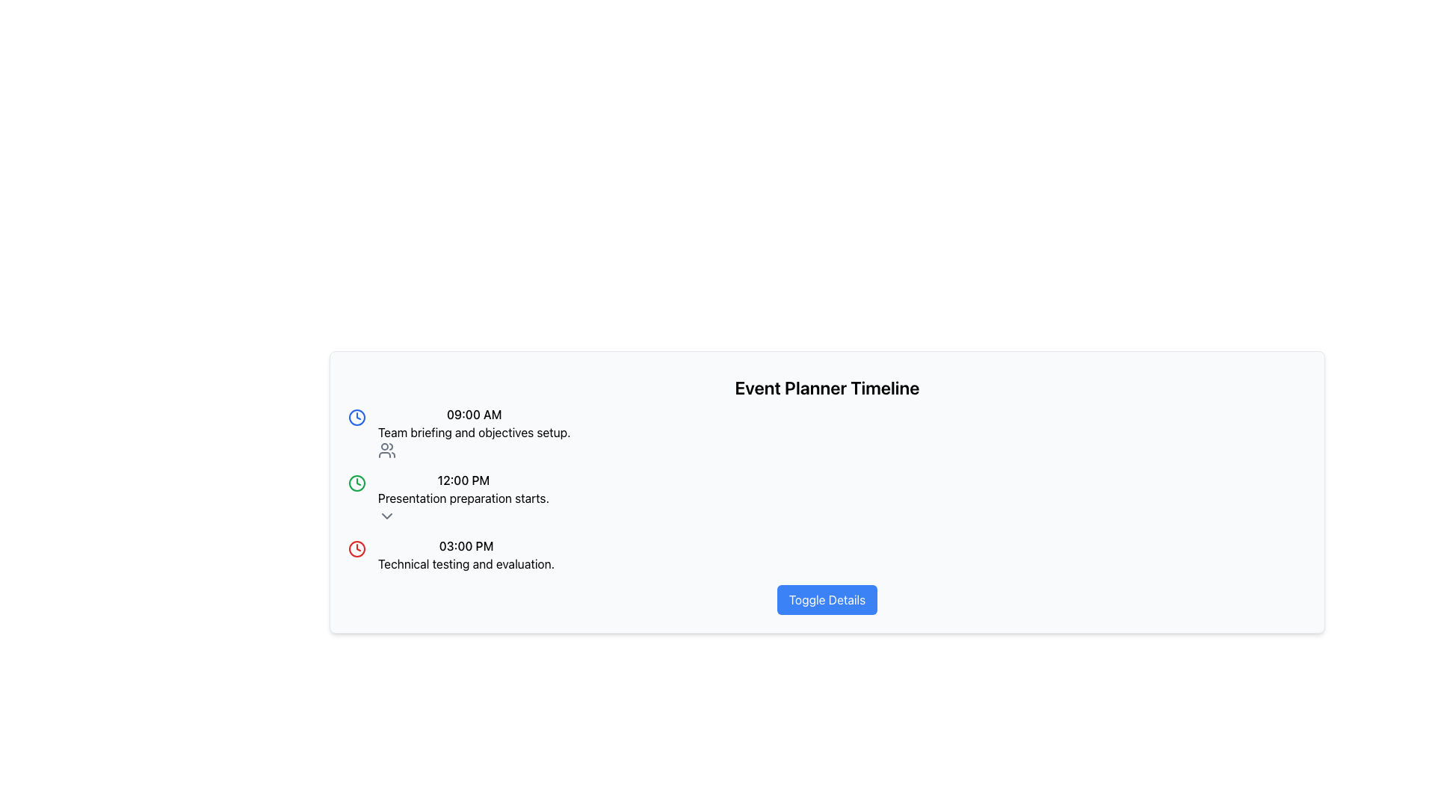  I want to click on the chevron icon located in the third row of the timeline list, below '12:00 PM Presentation preparation starts,', so click(387, 515).